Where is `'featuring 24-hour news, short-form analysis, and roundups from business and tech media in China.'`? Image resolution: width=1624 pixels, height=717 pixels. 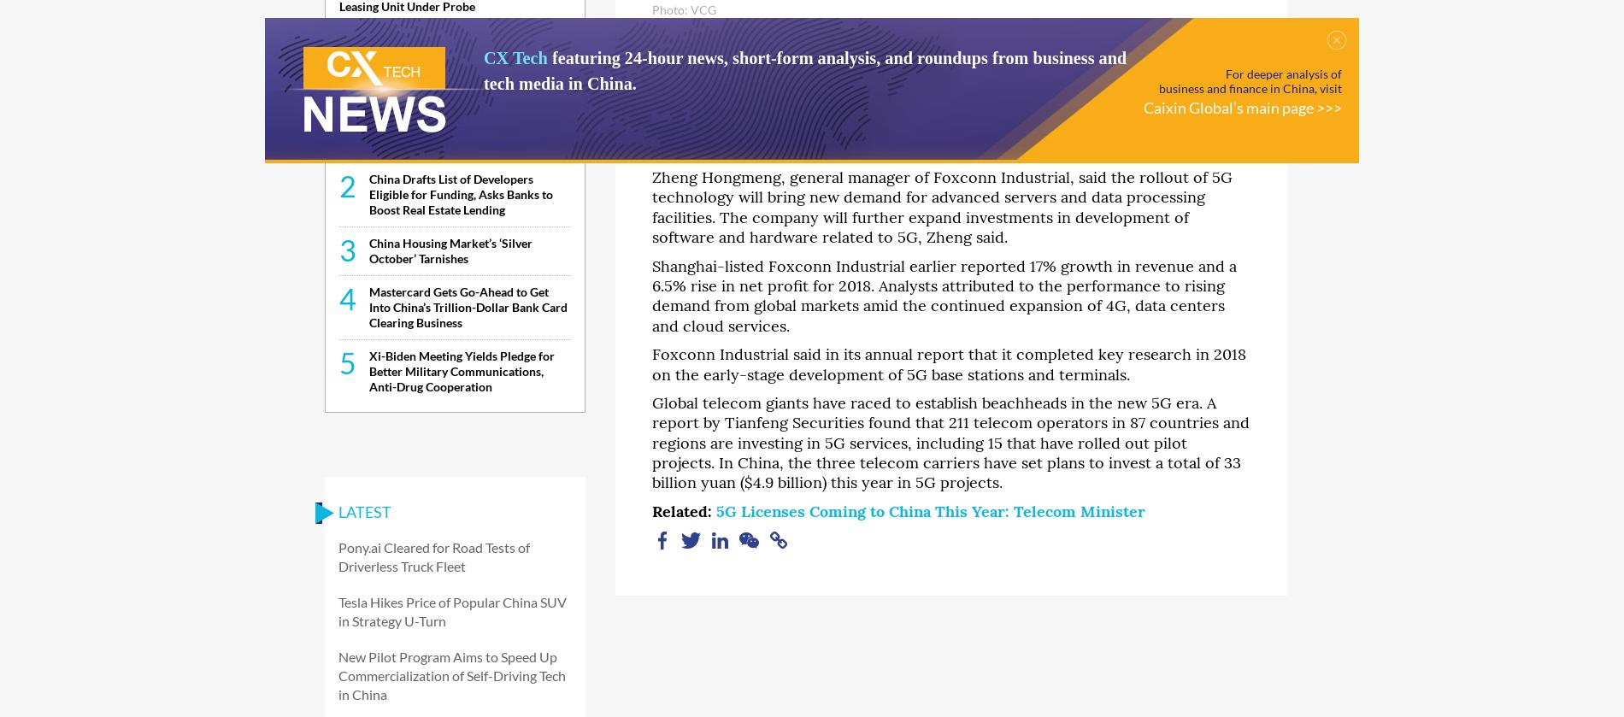 'featuring 24-hour news, short-form analysis, and roundups from business and tech media in China.' is located at coordinates (484, 70).